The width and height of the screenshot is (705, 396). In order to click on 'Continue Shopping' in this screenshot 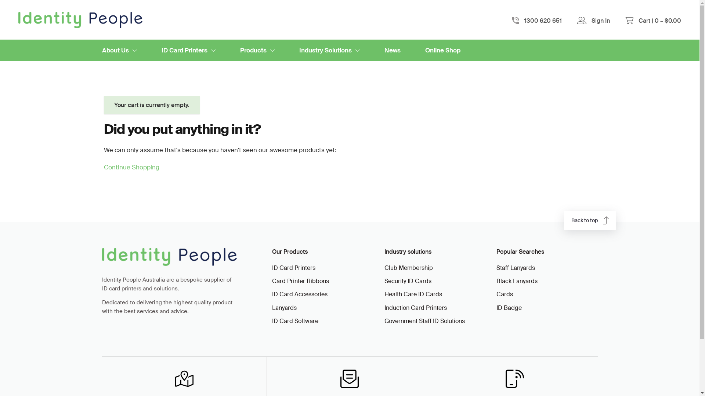, I will do `click(103, 167)`.